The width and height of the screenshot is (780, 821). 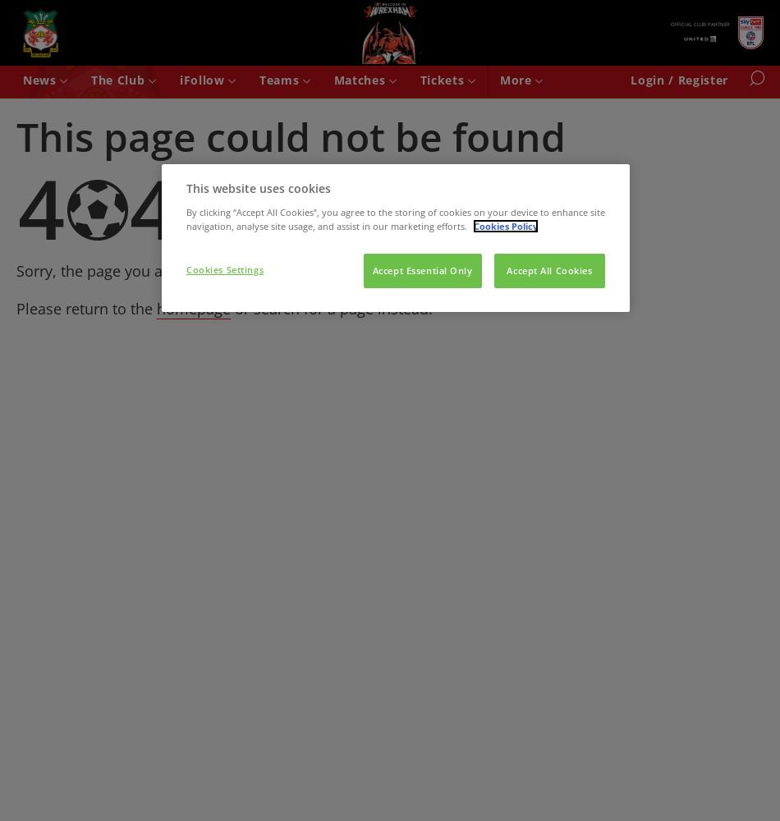 What do you see at coordinates (360, 79) in the screenshot?
I see `'Matches'` at bounding box center [360, 79].